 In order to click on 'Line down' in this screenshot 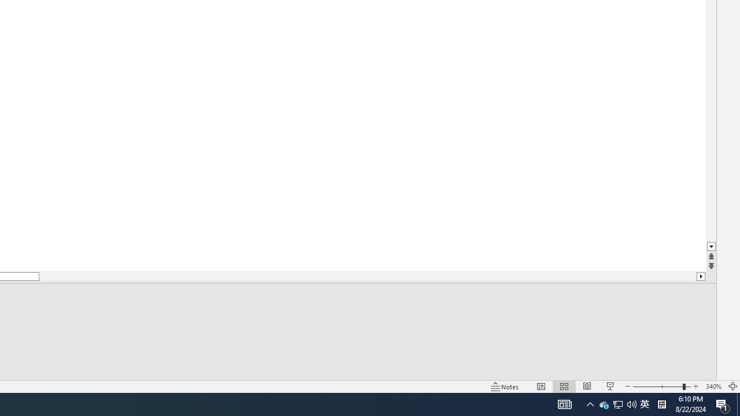, I will do `click(711, 246)`.